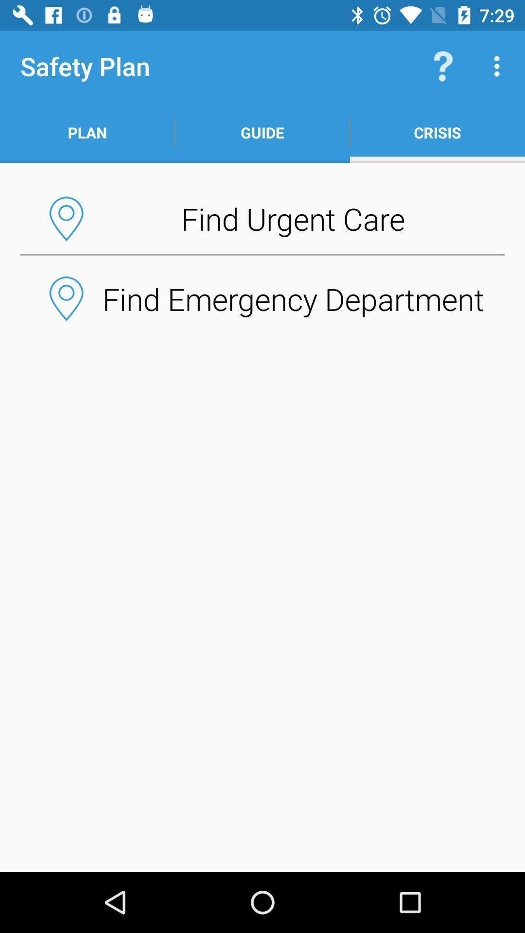  I want to click on item below plan app, so click(262, 218).